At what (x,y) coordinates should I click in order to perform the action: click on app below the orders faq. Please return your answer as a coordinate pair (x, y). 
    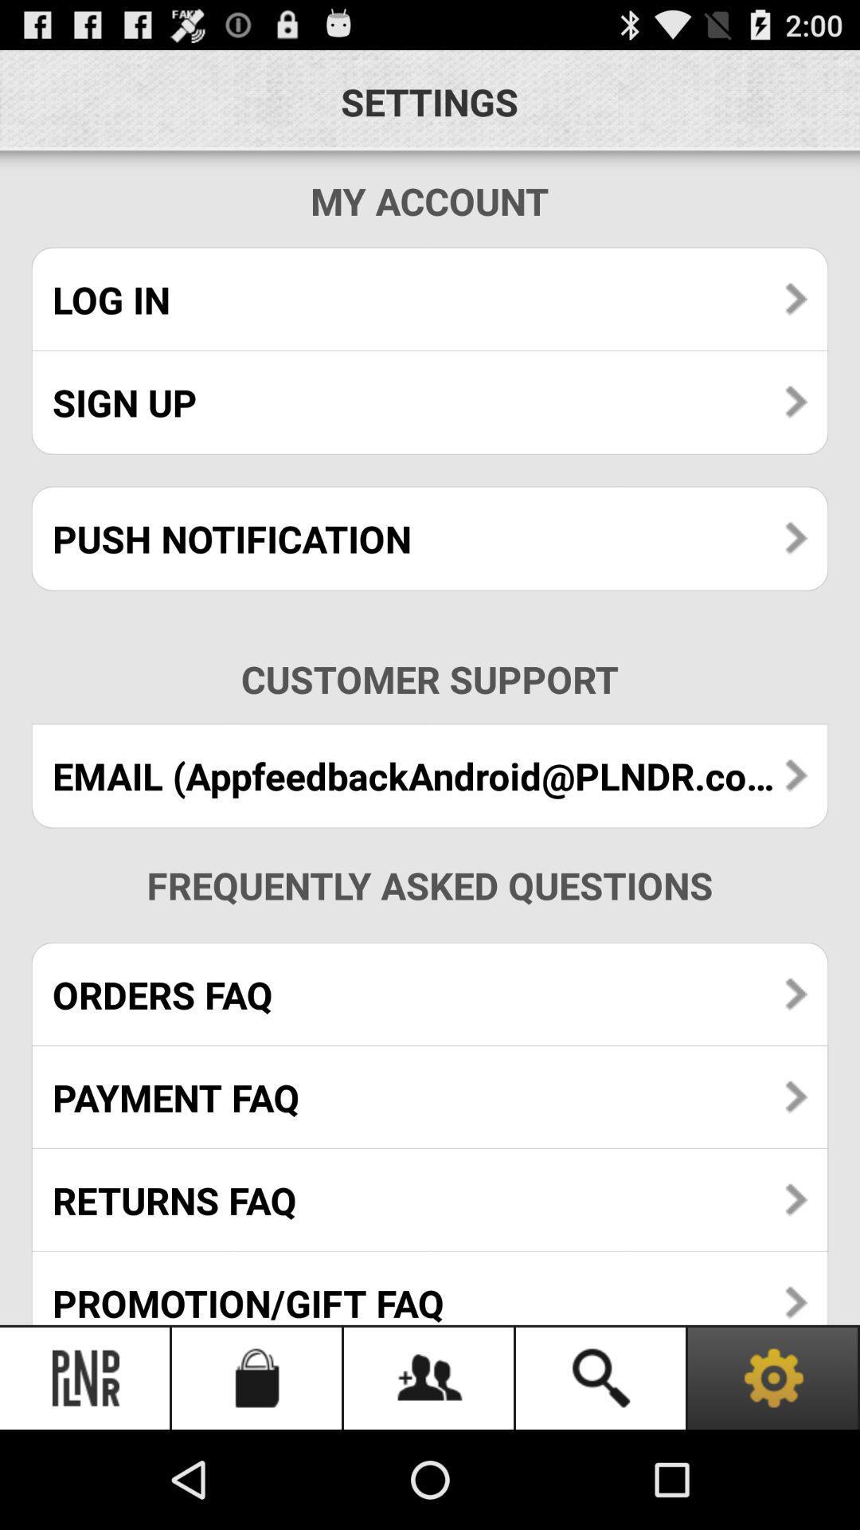
    Looking at the image, I should click on (430, 1096).